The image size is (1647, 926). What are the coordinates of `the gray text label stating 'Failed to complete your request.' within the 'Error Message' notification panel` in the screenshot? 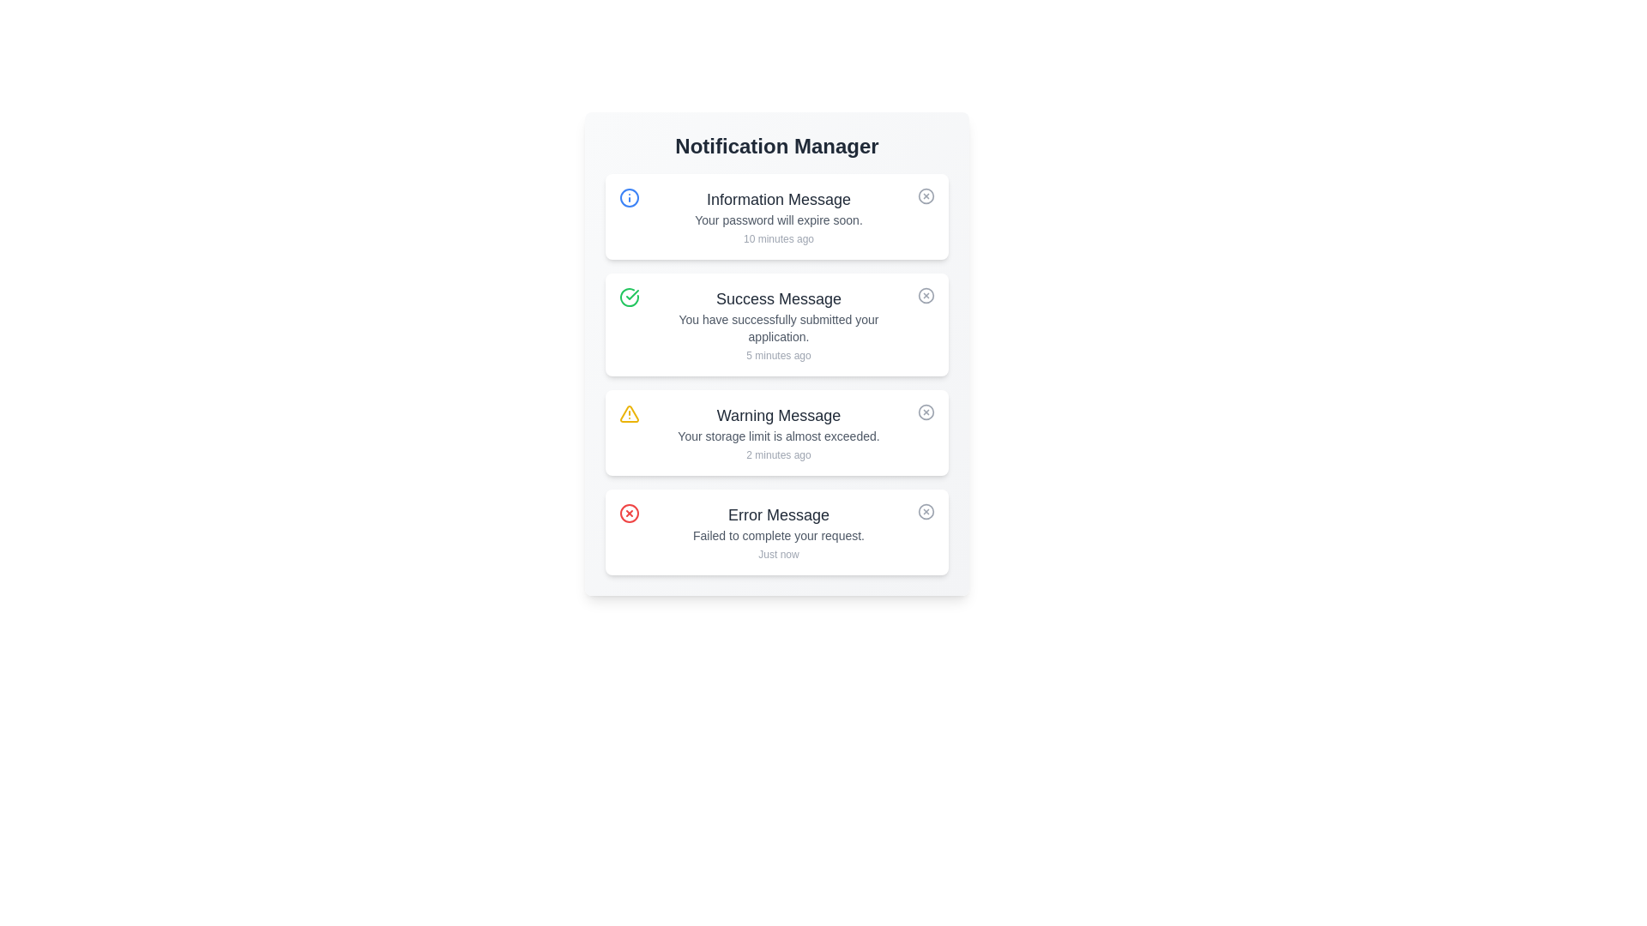 It's located at (777, 534).